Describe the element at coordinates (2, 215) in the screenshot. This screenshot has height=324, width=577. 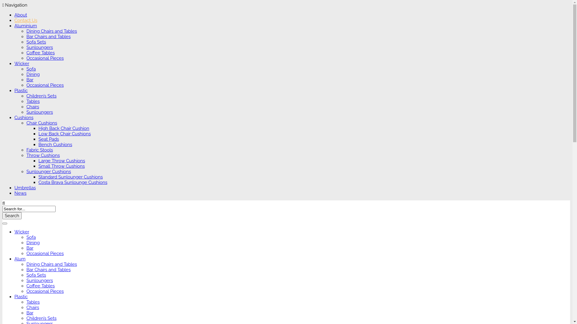
I see `'Search'` at that location.